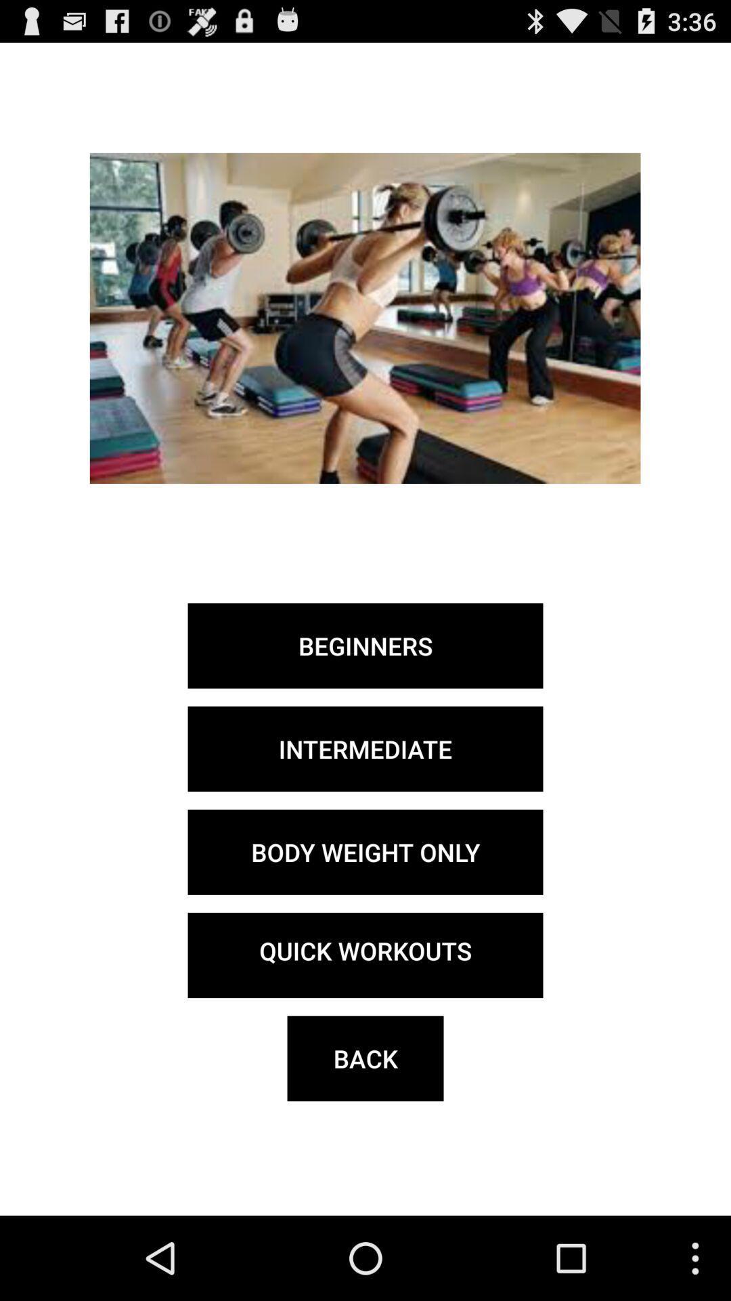 This screenshot has height=1301, width=731. Describe the element at coordinates (365, 1058) in the screenshot. I see `back` at that location.